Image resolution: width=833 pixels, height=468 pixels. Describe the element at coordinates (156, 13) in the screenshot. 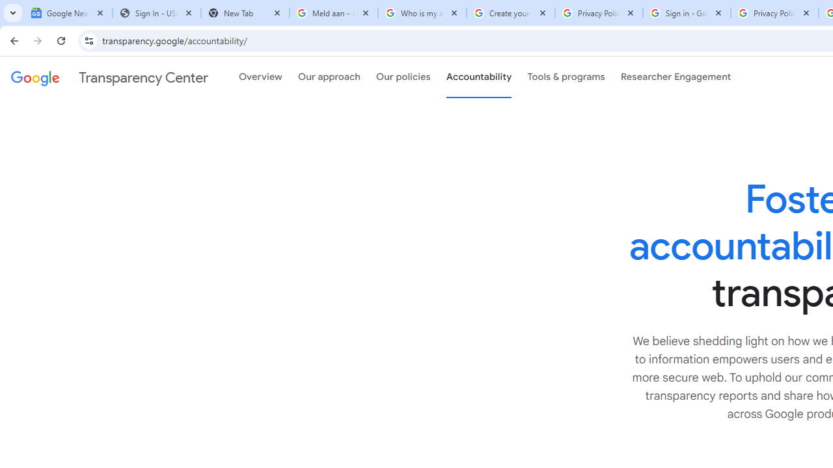

I see `'Sign In - USA TODAY'` at that location.